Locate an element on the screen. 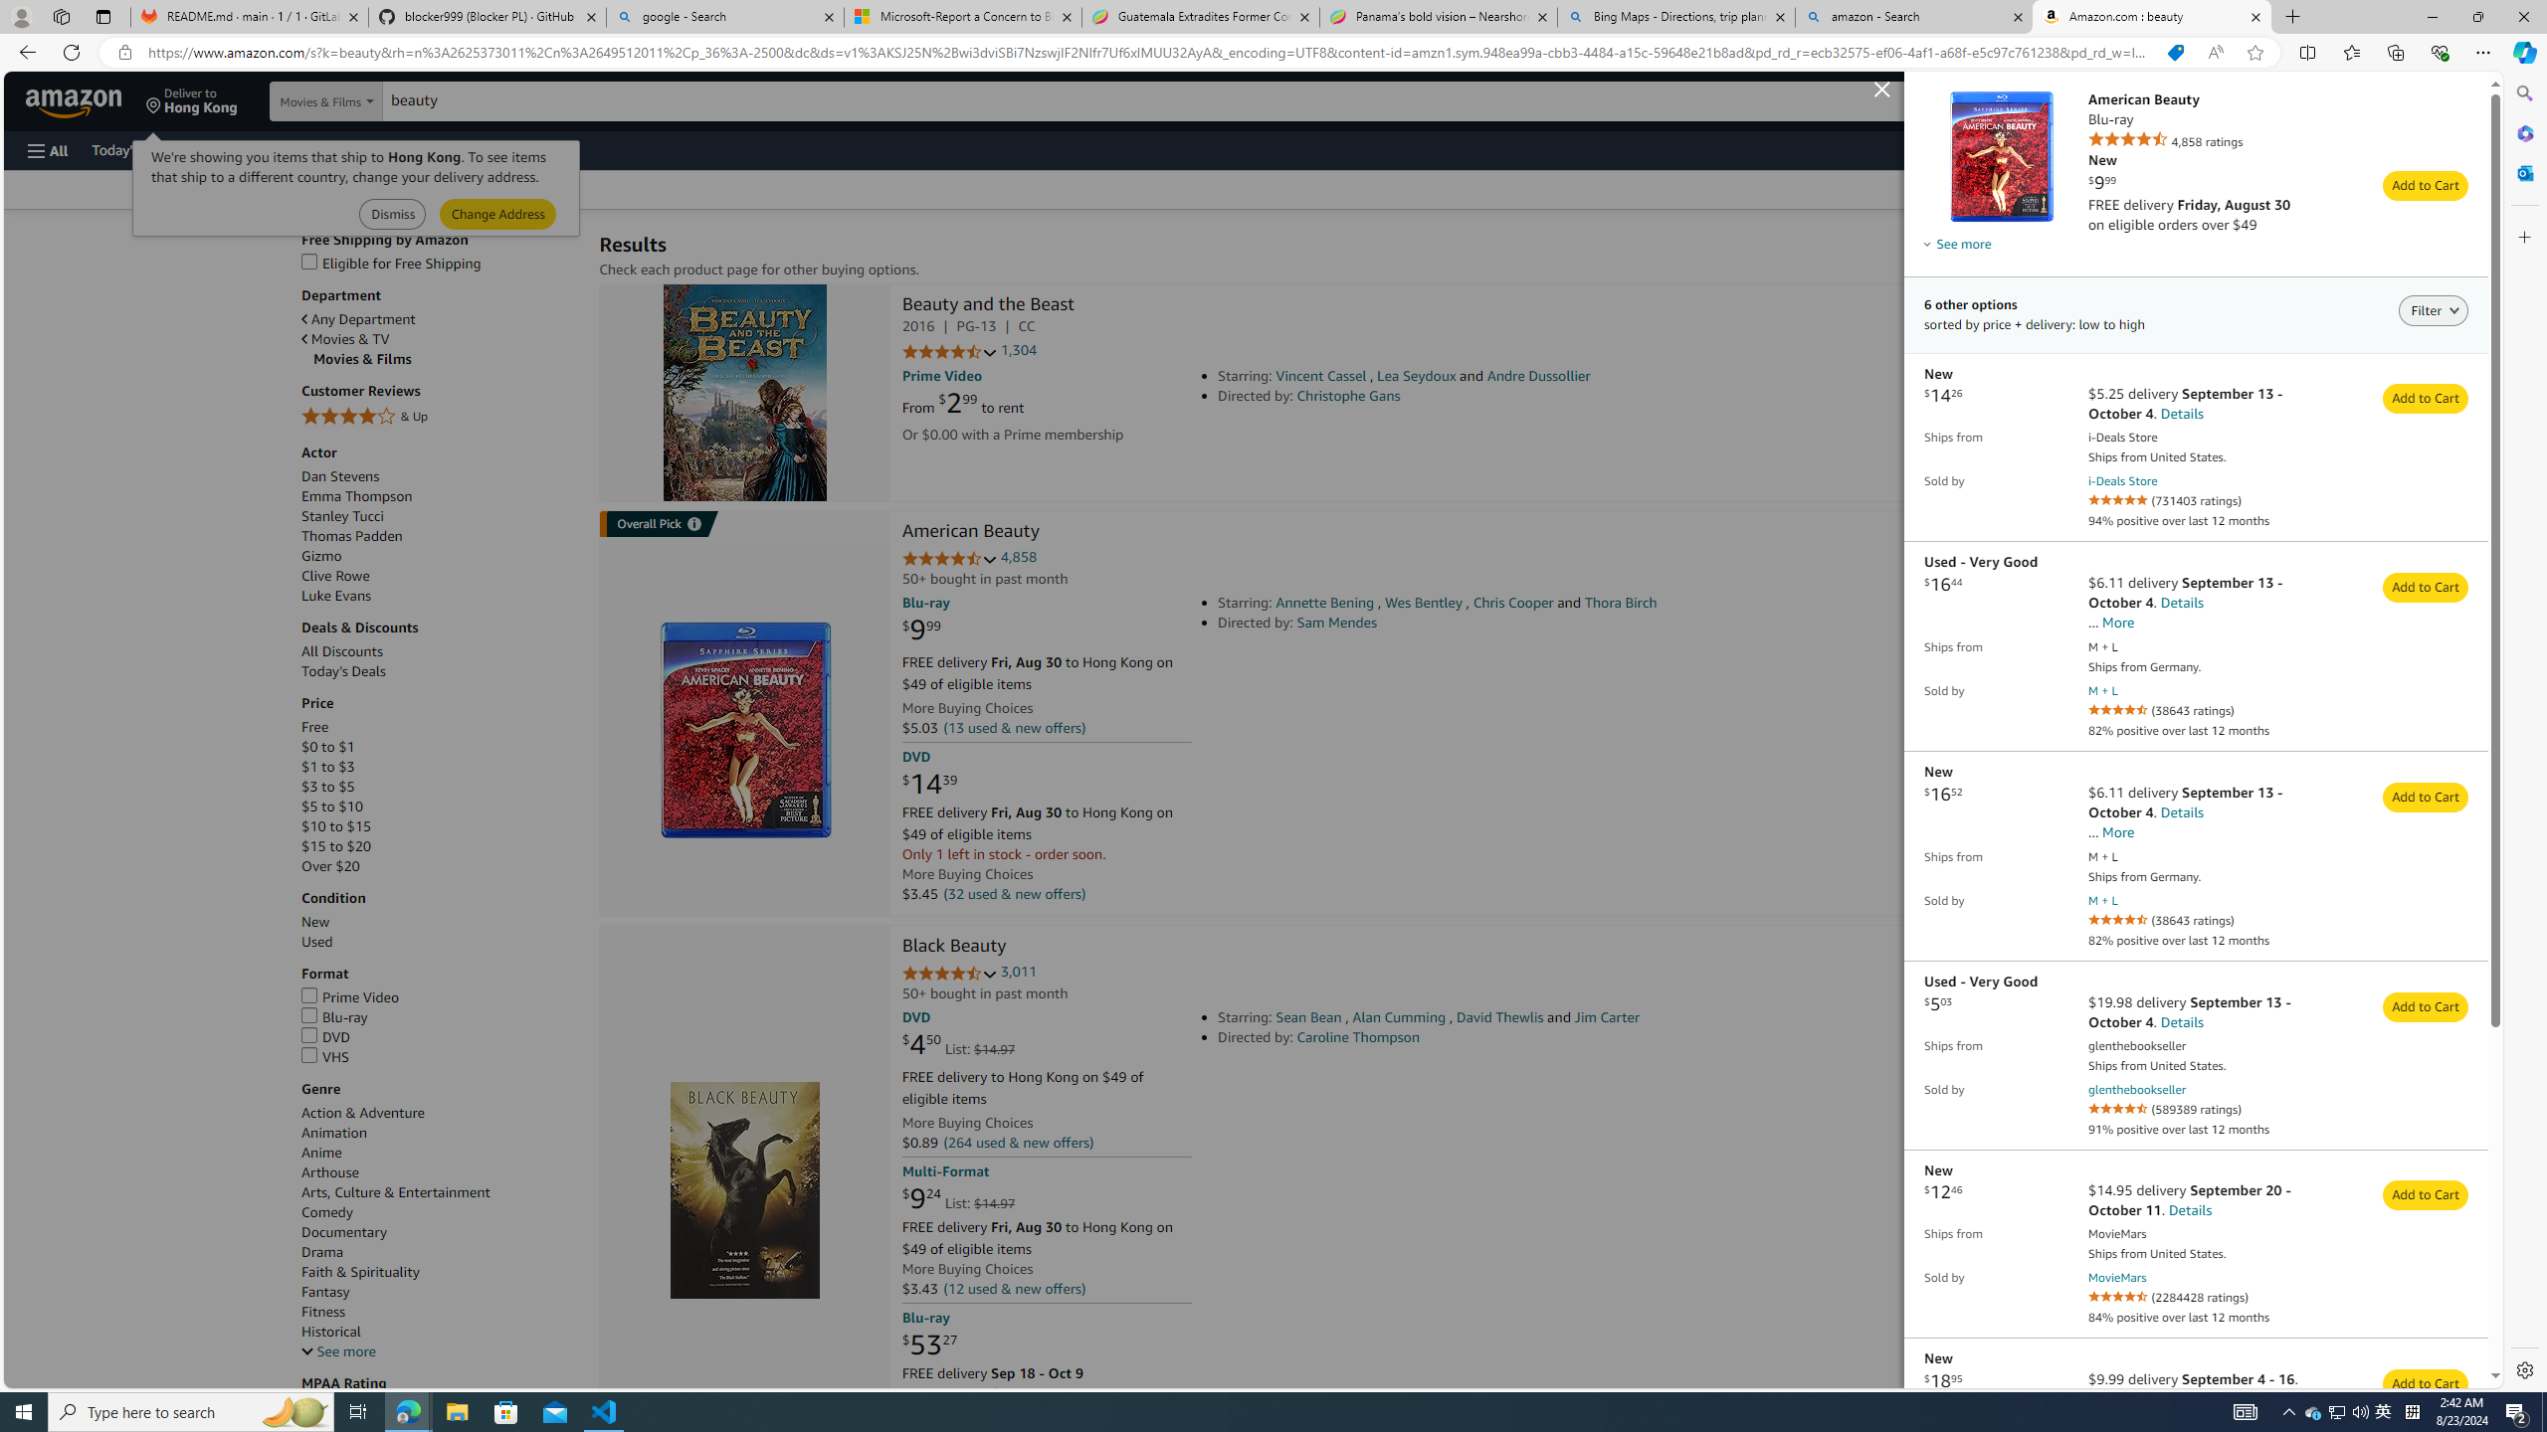 This screenshot has height=1432, width=2547. 'Refresh' is located at coordinates (70, 51).